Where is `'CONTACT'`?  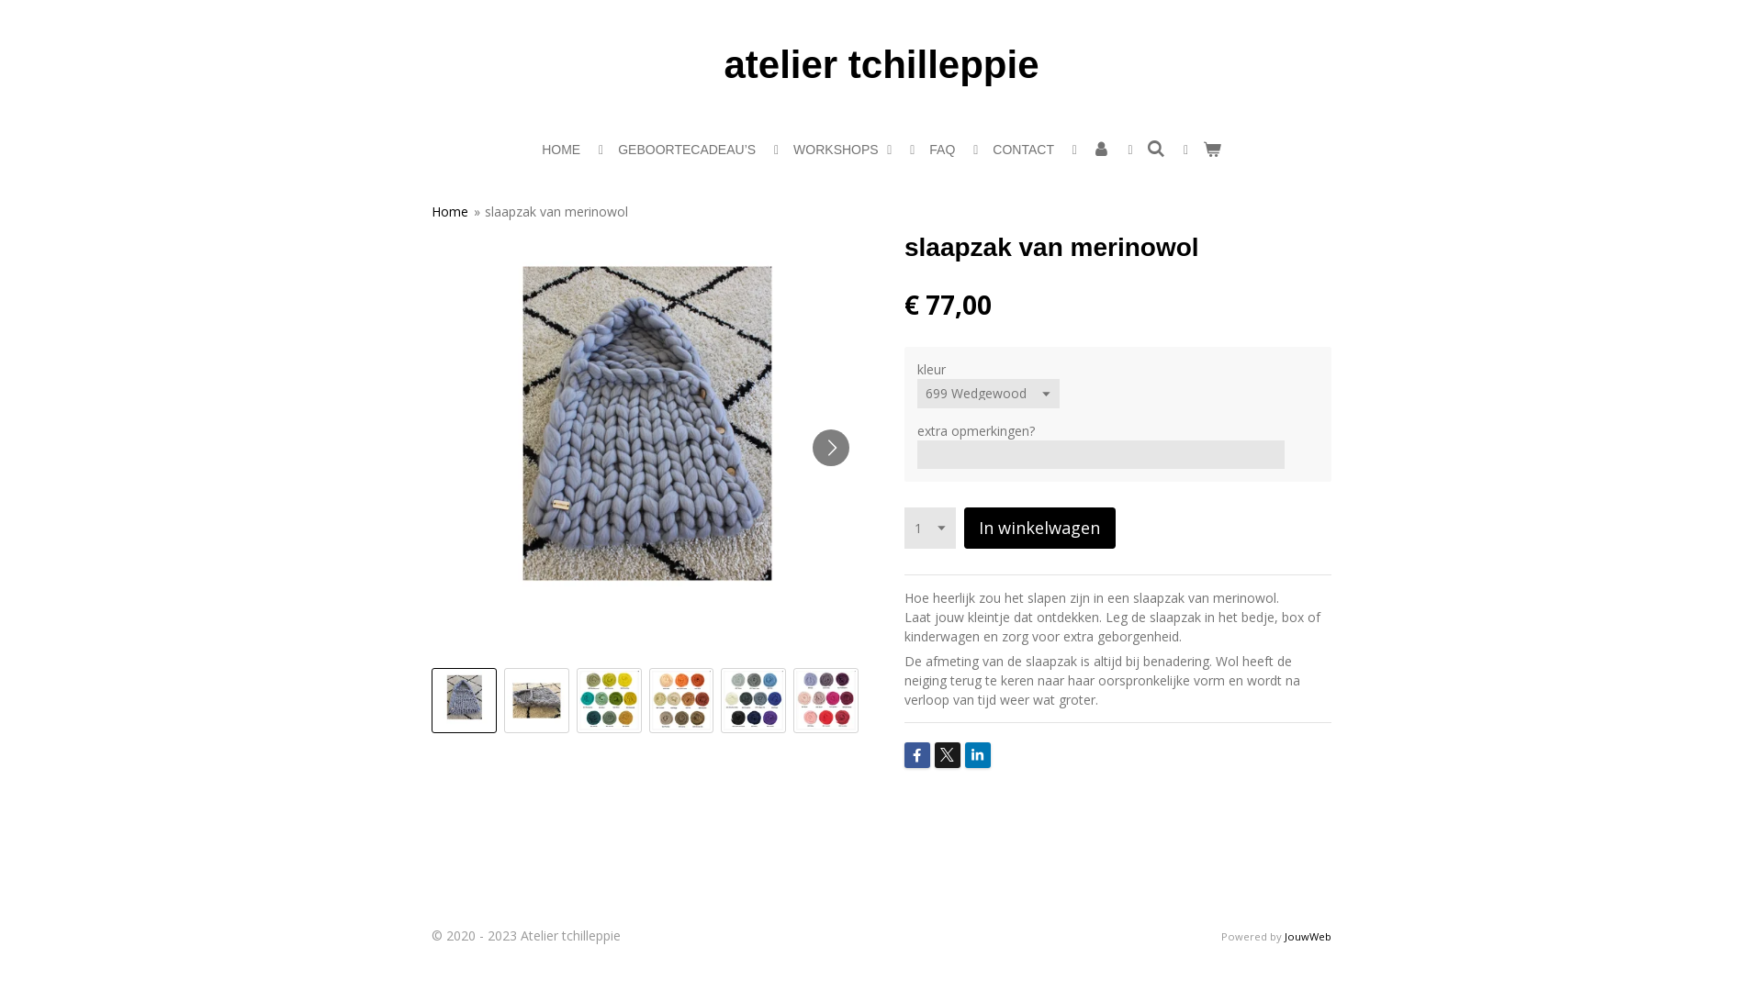
'CONTACT' is located at coordinates (1022, 149).